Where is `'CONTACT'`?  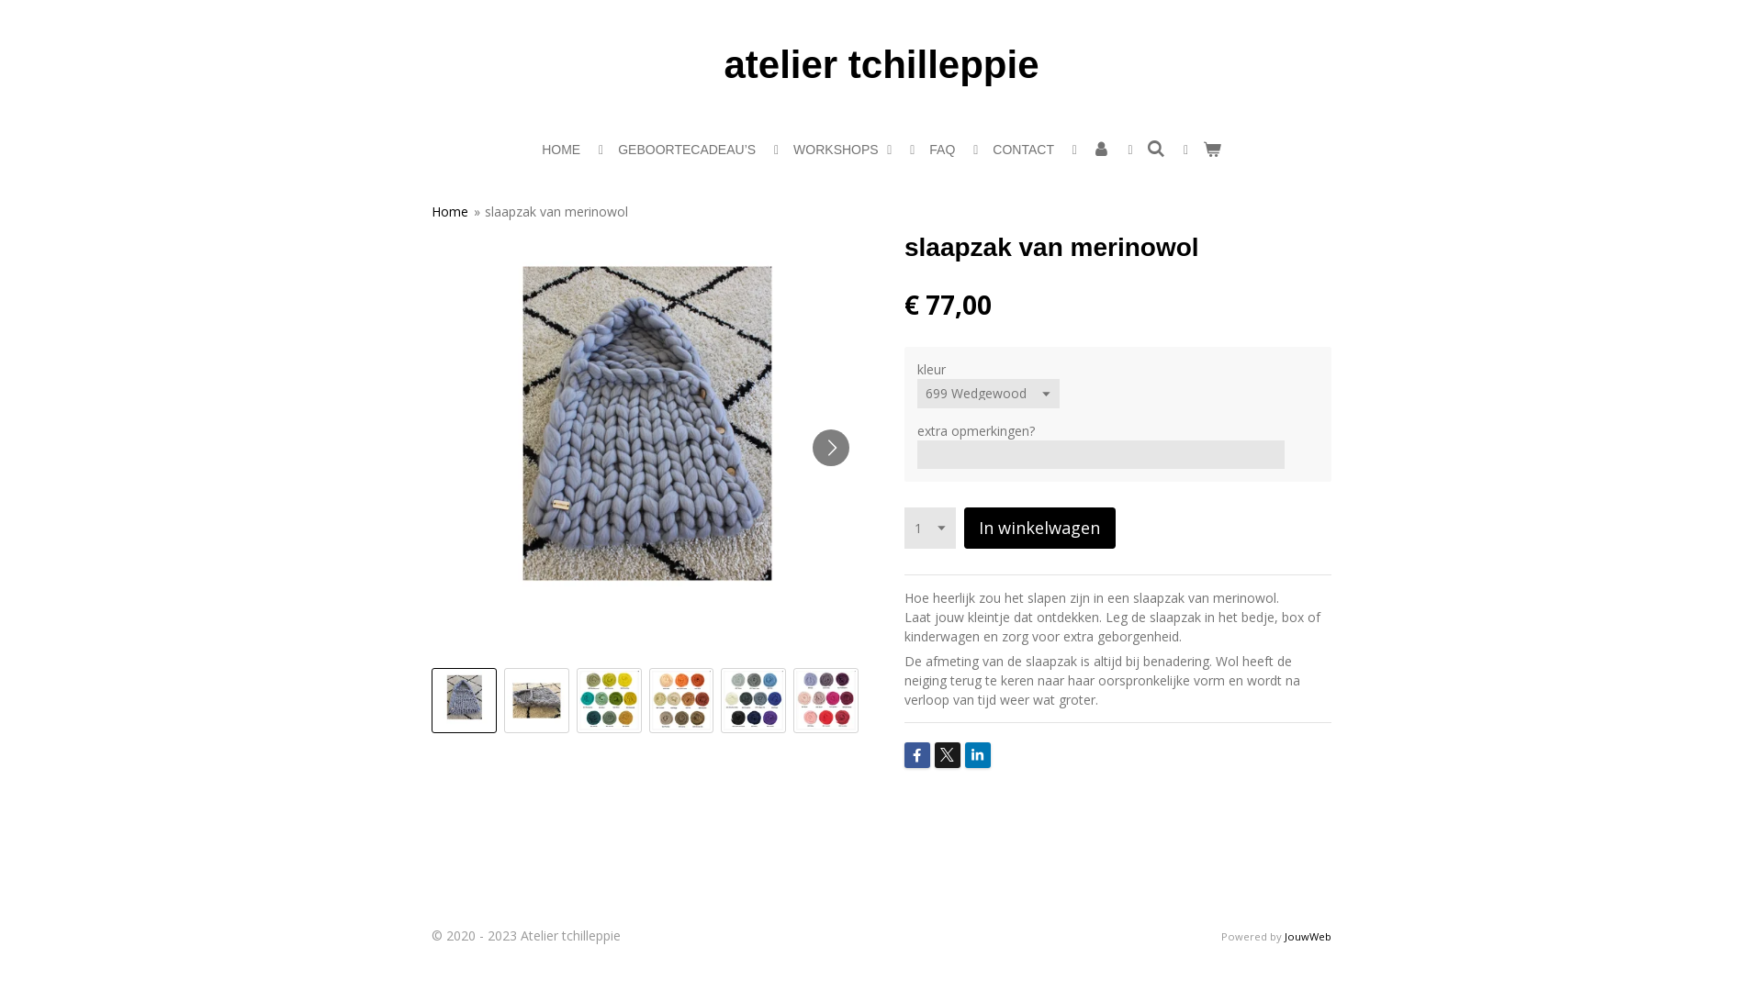
'CONTACT' is located at coordinates (1022, 149).